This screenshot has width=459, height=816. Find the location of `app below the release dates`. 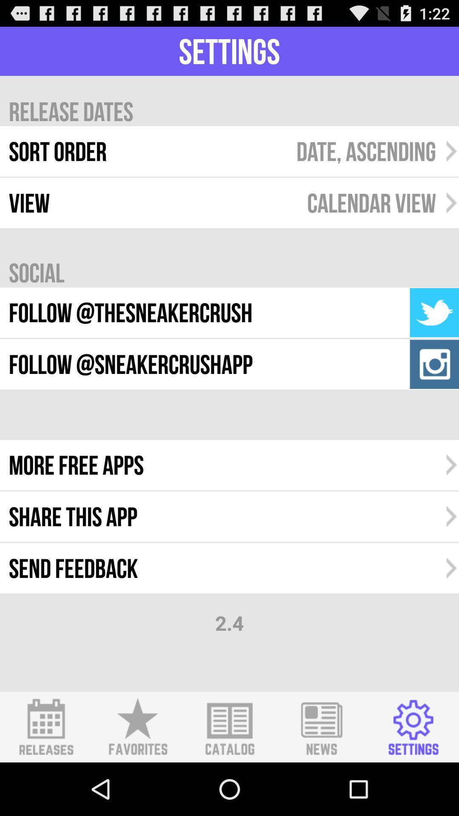

app below the release dates is located at coordinates (365, 151).